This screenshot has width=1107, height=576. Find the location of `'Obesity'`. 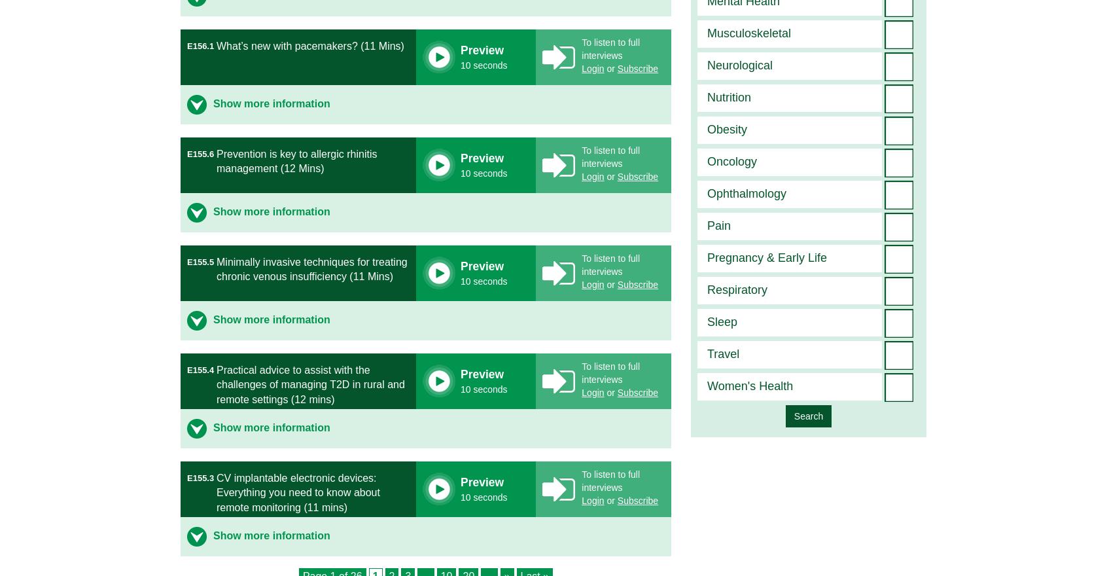

'Obesity' is located at coordinates (727, 130).